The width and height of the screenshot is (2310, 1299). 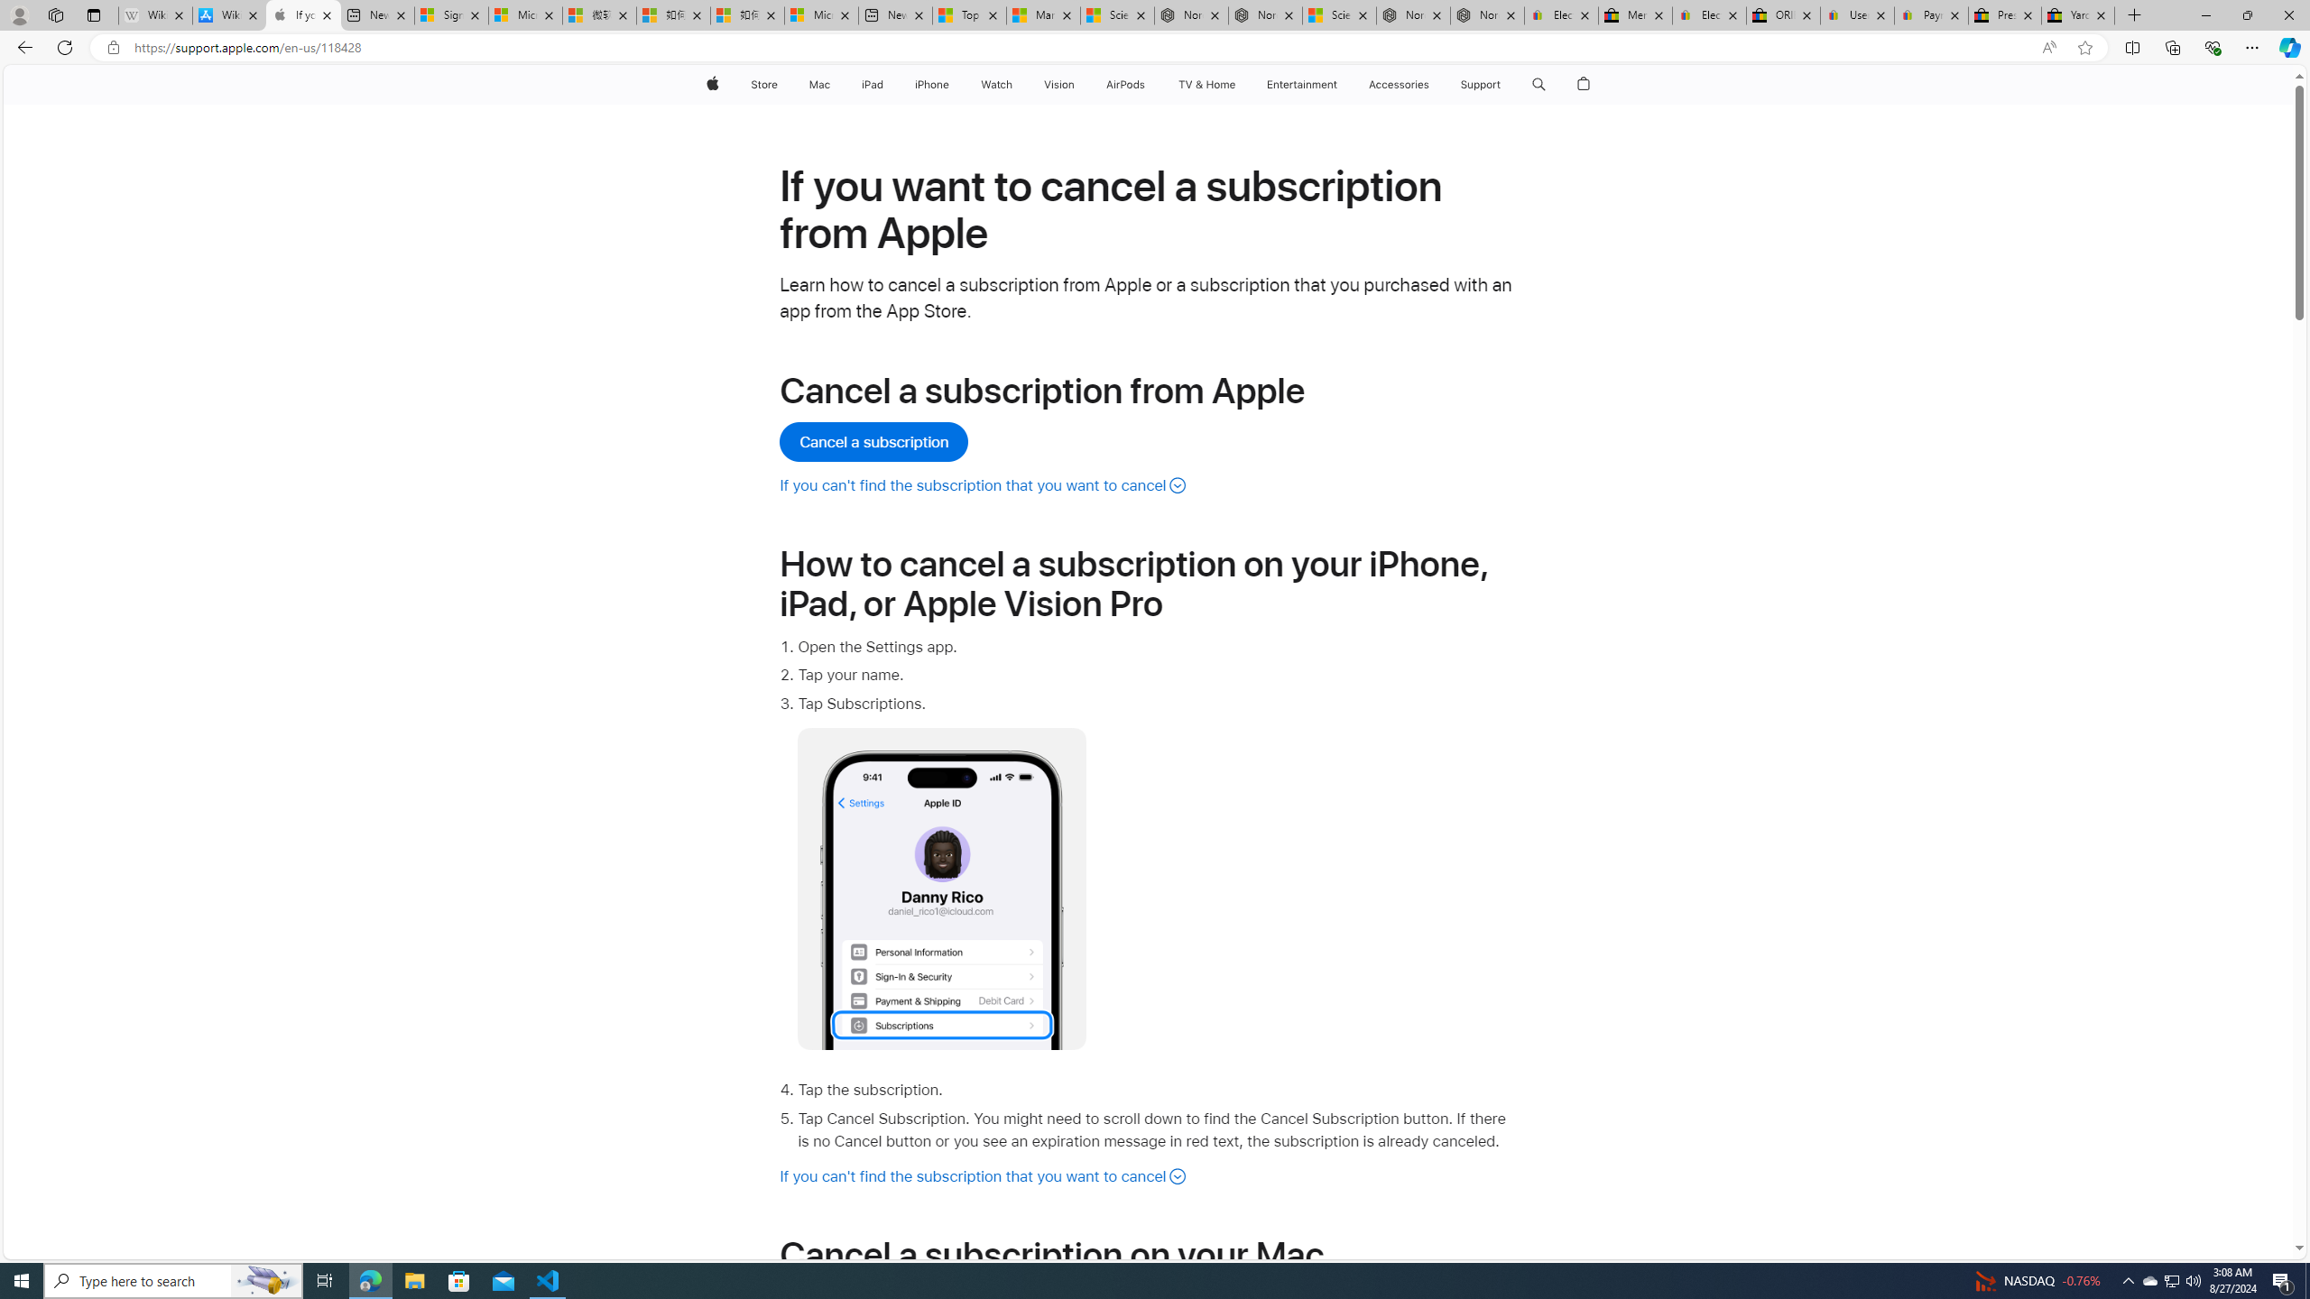 What do you see at coordinates (1398, 84) in the screenshot?
I see `'Accessories'` at bounding box center [1398, 84].